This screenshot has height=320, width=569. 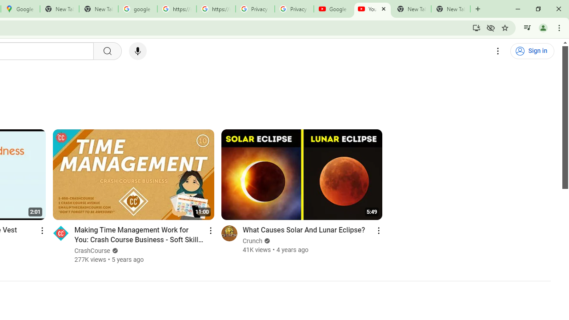 What do you see at coordinates (451, 9) in the screenshot?
I see `'New Tab'` at bounding box center [451, 9].